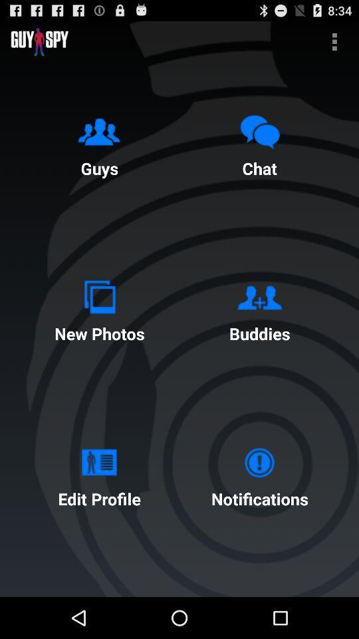  I want to click on item to the right of the new photos icon, so click(259, 308).